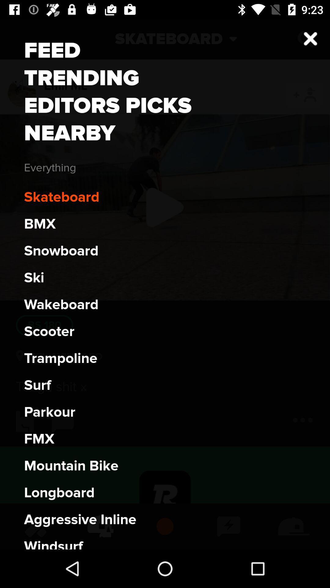 This screenshot has height=588, width=330. I want to click on the close icon, so click(306, 39).